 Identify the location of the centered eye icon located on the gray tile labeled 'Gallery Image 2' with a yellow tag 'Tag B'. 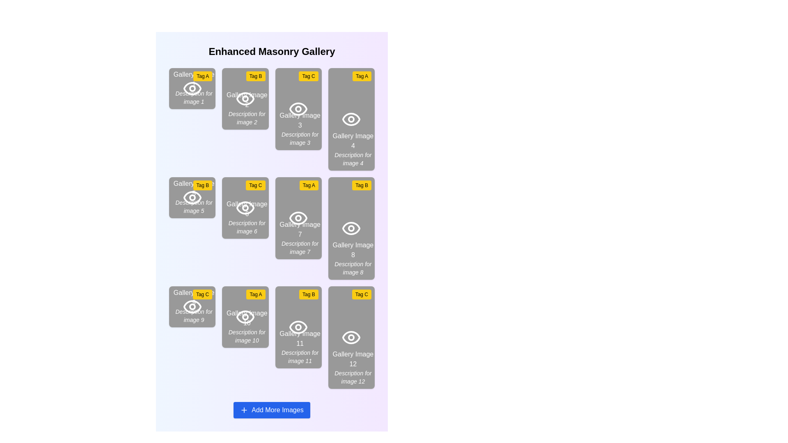
(245, 98).